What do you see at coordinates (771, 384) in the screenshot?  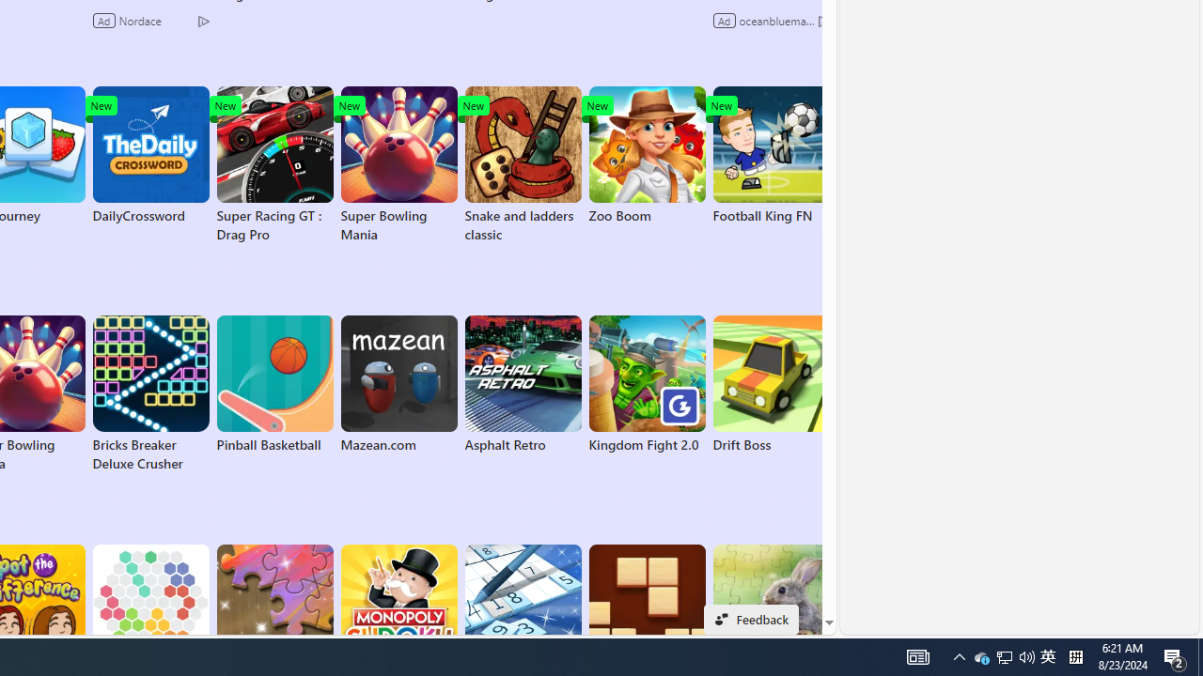 I see `'Drift Boss'` at bounding box center [771, 384].